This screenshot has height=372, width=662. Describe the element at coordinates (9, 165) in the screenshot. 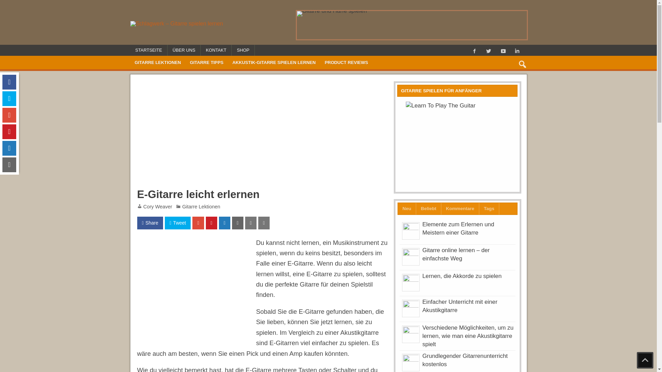

I see `'Send email this article'` at that location.